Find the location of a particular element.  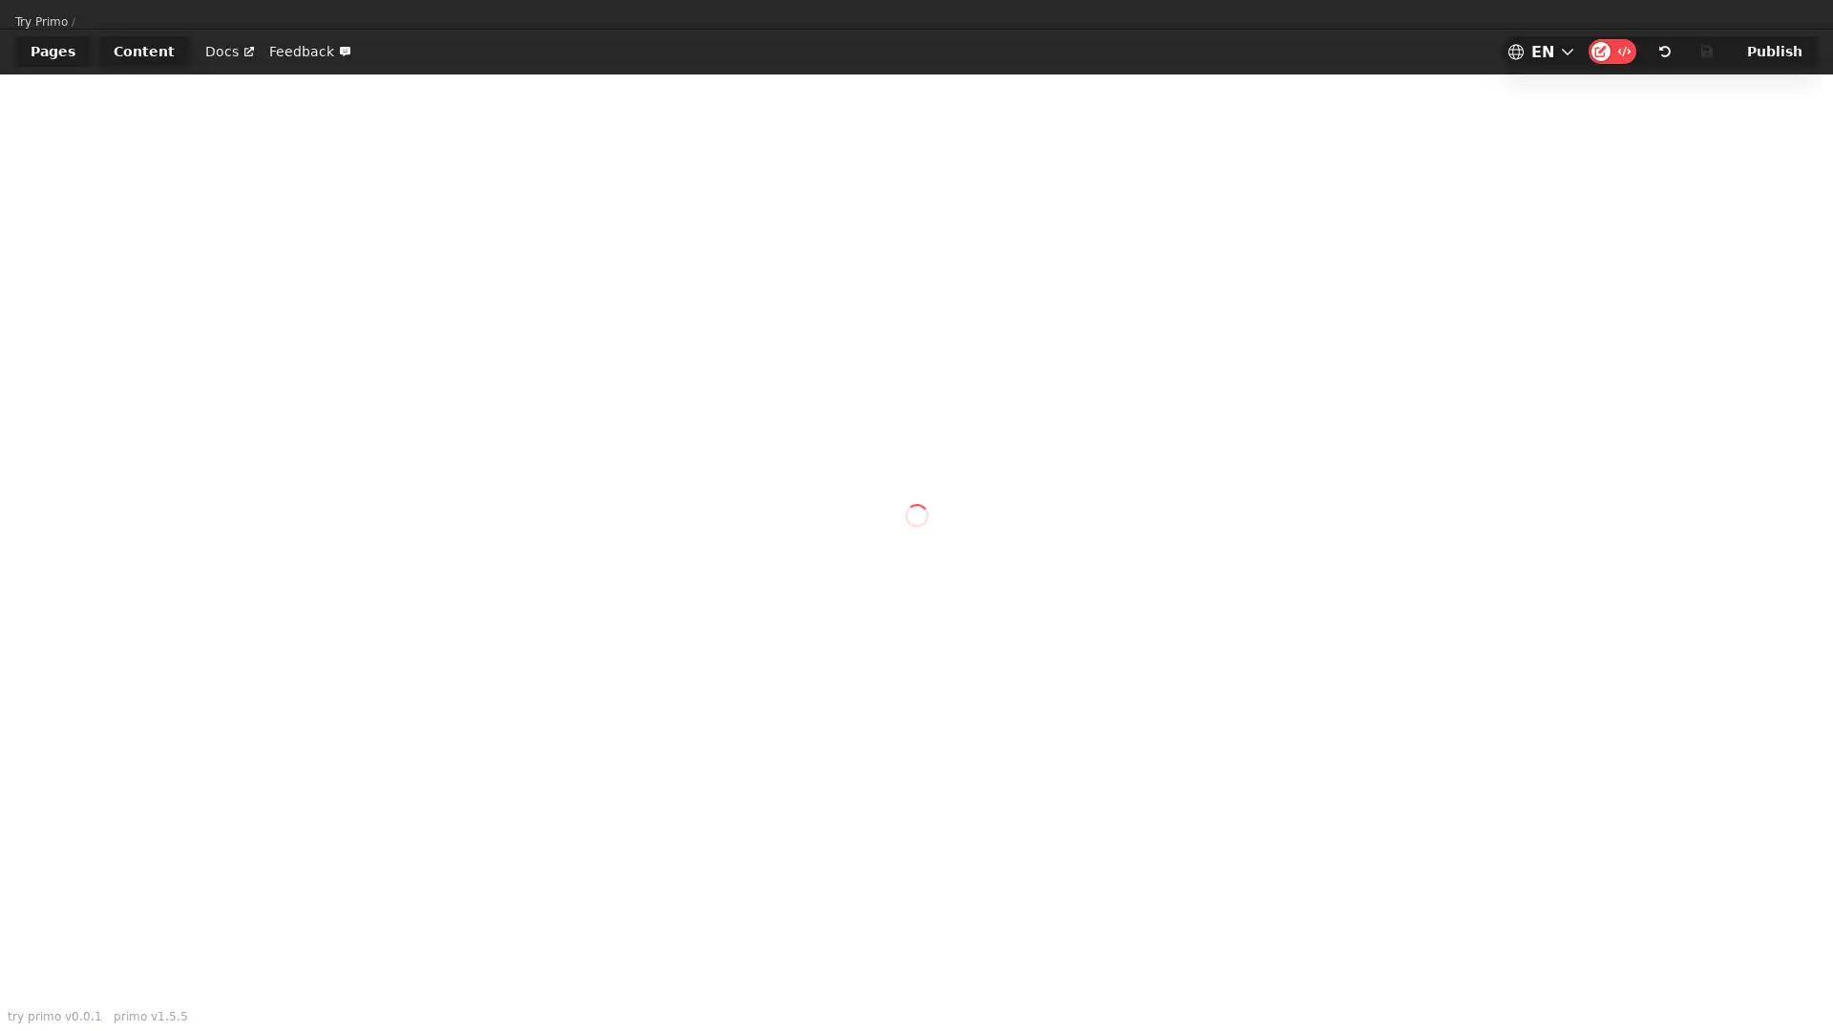

Pages is located at coordinates (53, 51).